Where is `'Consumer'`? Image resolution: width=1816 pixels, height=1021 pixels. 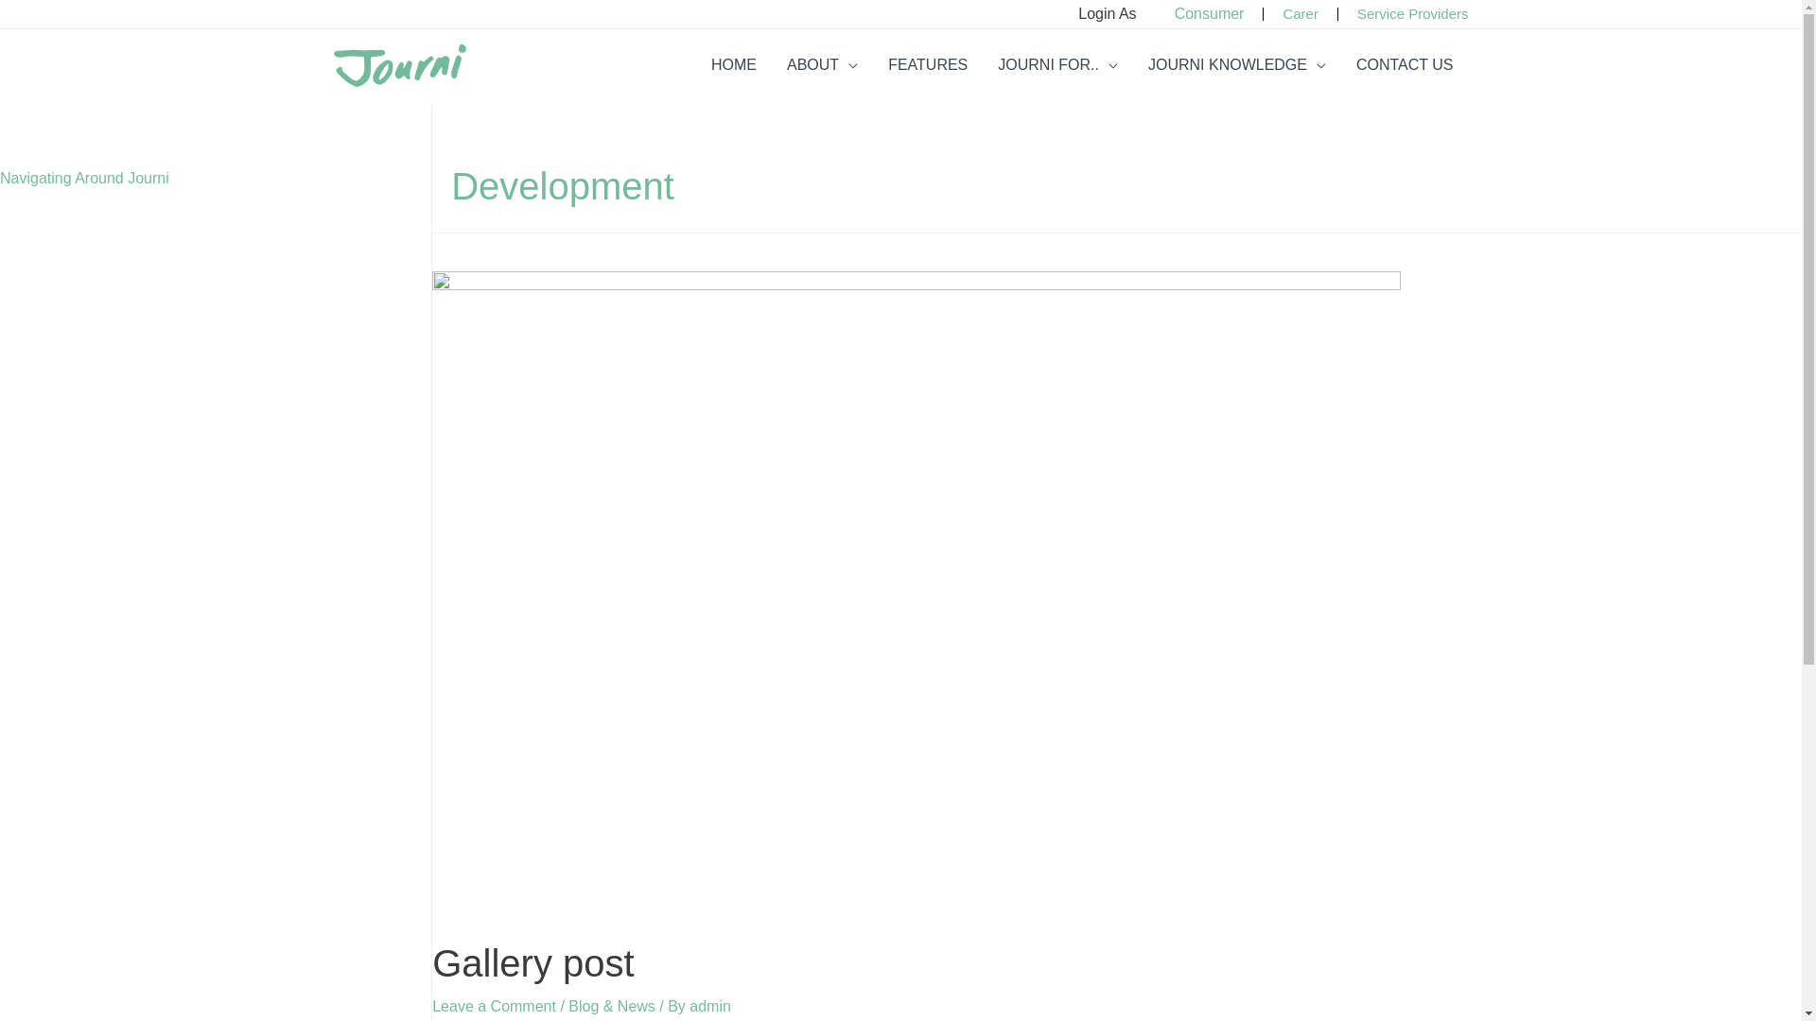
'Consumer' is located at coordinates (1208, 13).